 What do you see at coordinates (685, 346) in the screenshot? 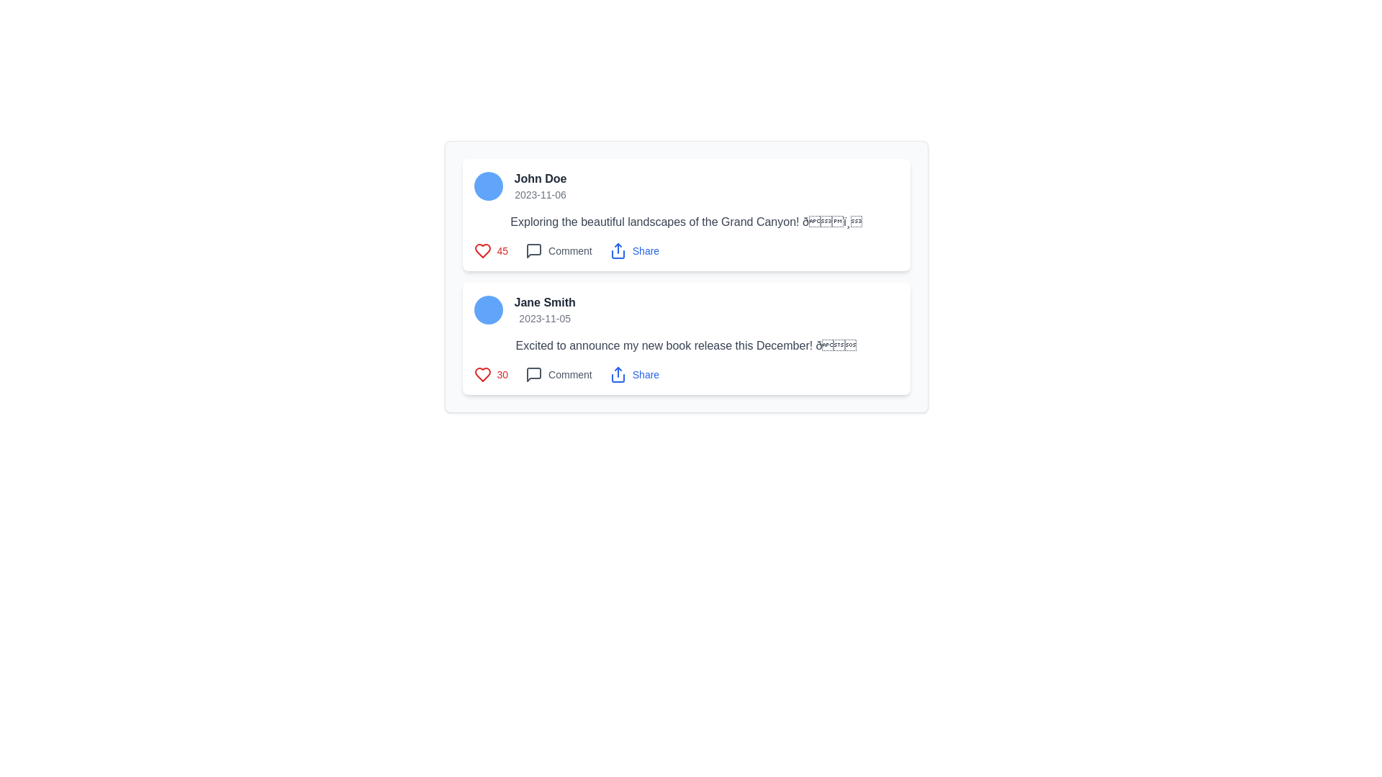
I see `the static text label displaying the announcement of the user 'Jane Smith' in the second post panel` at bounding box center [685, 346].